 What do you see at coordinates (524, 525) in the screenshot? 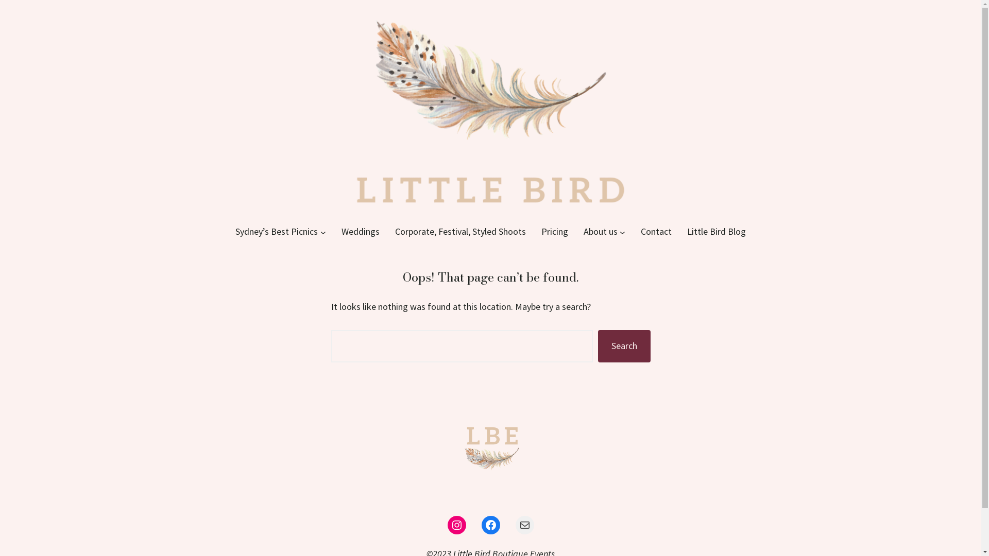
I see `'Mail'` at bounding box center [524, 525].